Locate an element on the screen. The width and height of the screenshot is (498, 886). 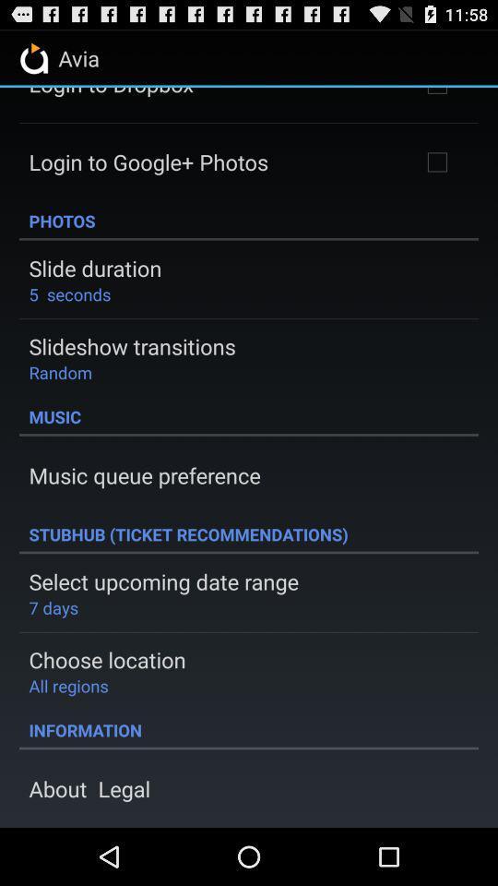
the 7 days item is located at coordinates (53, 606).